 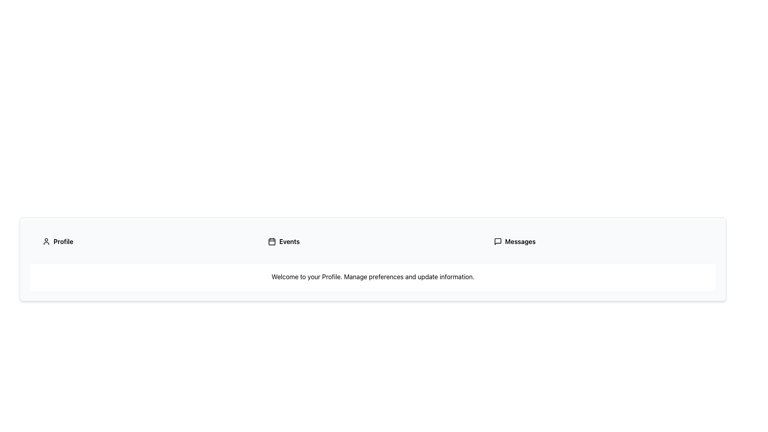 What do you see at coordinates (372, 276) in the screenshot?
I see `information displayed in the Informational Text Block located below the header options including 'Profile,' 'Events,' and 'Messages.'` at bounding box center [372, 276].